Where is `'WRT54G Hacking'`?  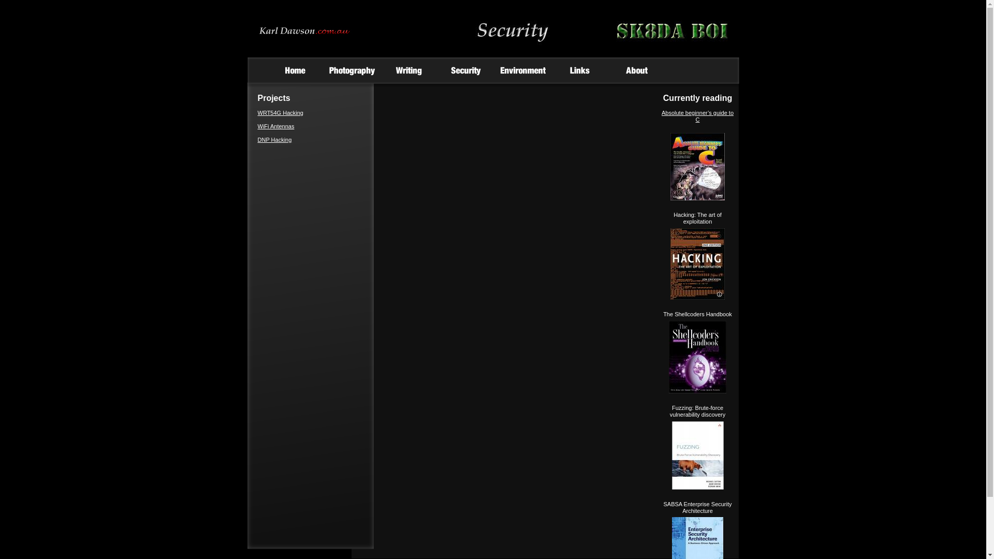
'WRT54G Hacking' is located at coordinates (281, 113).